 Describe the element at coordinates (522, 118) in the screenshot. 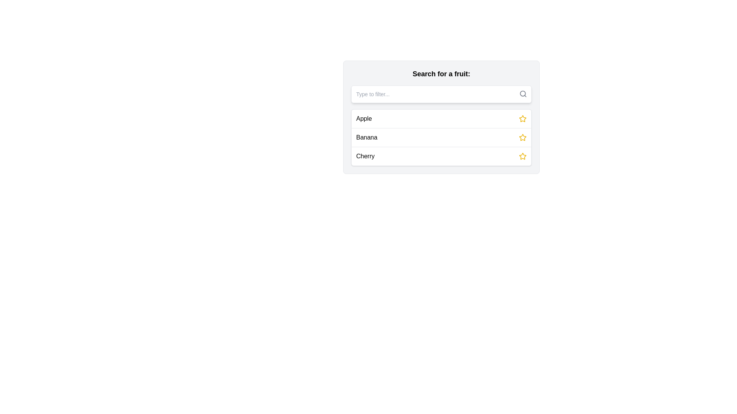

I see `the favorite marker icon for the 'Apple' item` at that location.